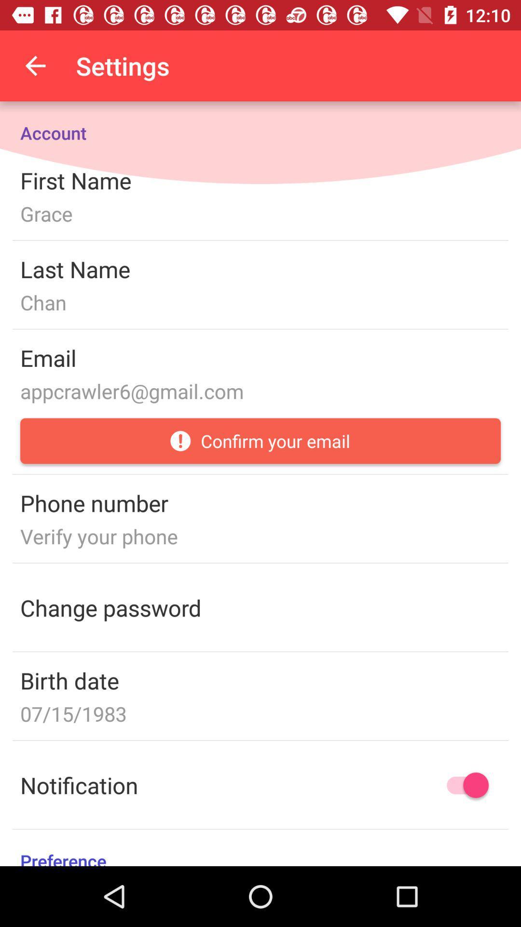  Describe the element at coordinates (35, 65) in the screenshot. I see `the icon to the left of the settings item` at that location.